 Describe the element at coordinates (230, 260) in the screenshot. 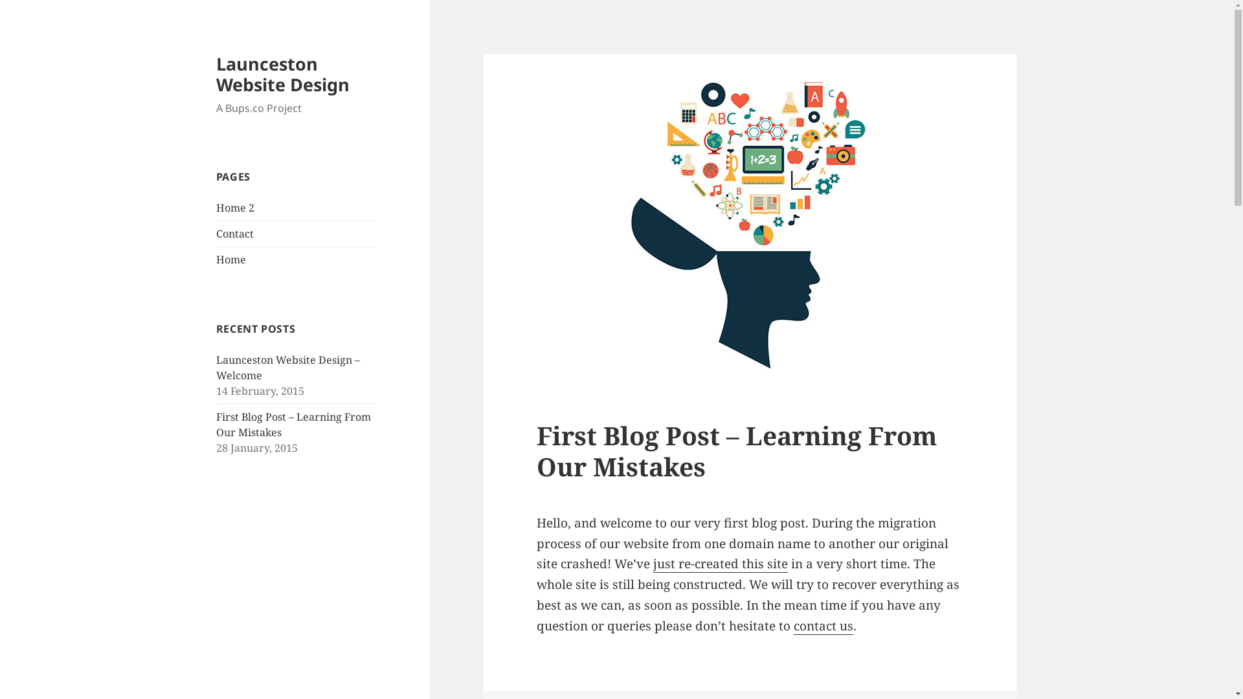

I see `'Home'` at that location.